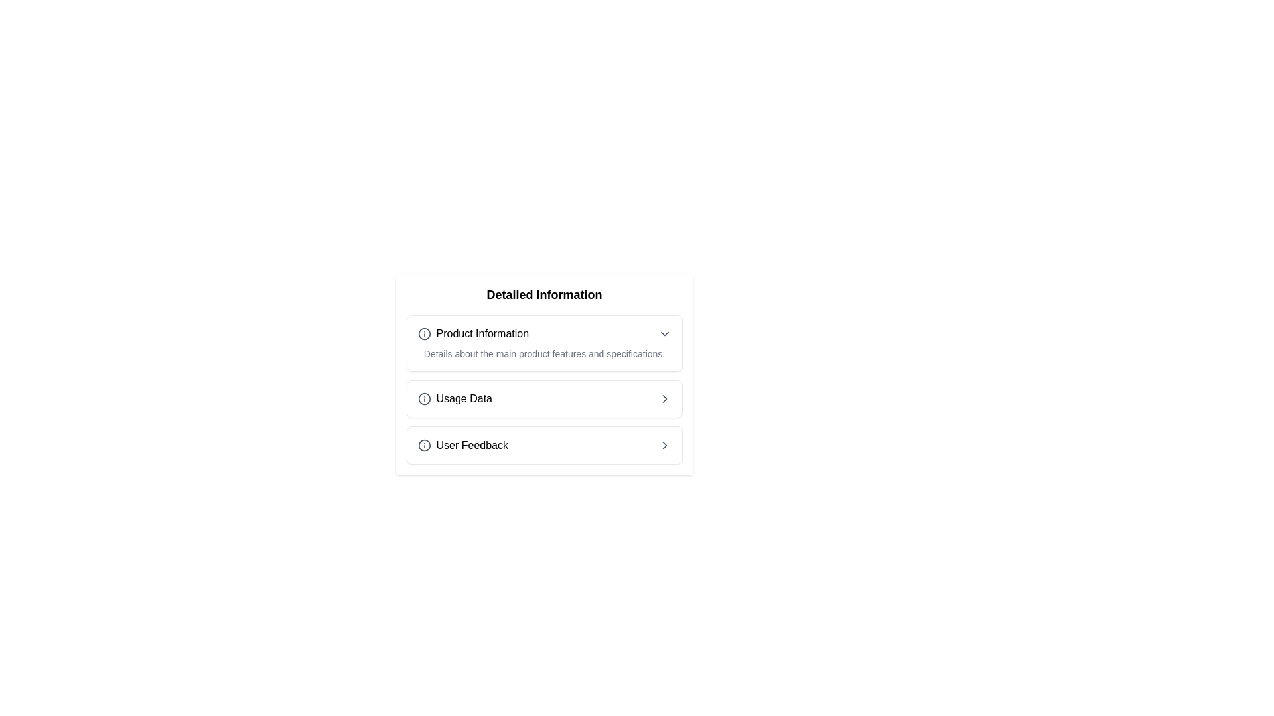 Image resolution: width=1274 pixels, height=716 pixels. I want to click on the 'Usage Data' button styled as a list item, so click(544, 398).